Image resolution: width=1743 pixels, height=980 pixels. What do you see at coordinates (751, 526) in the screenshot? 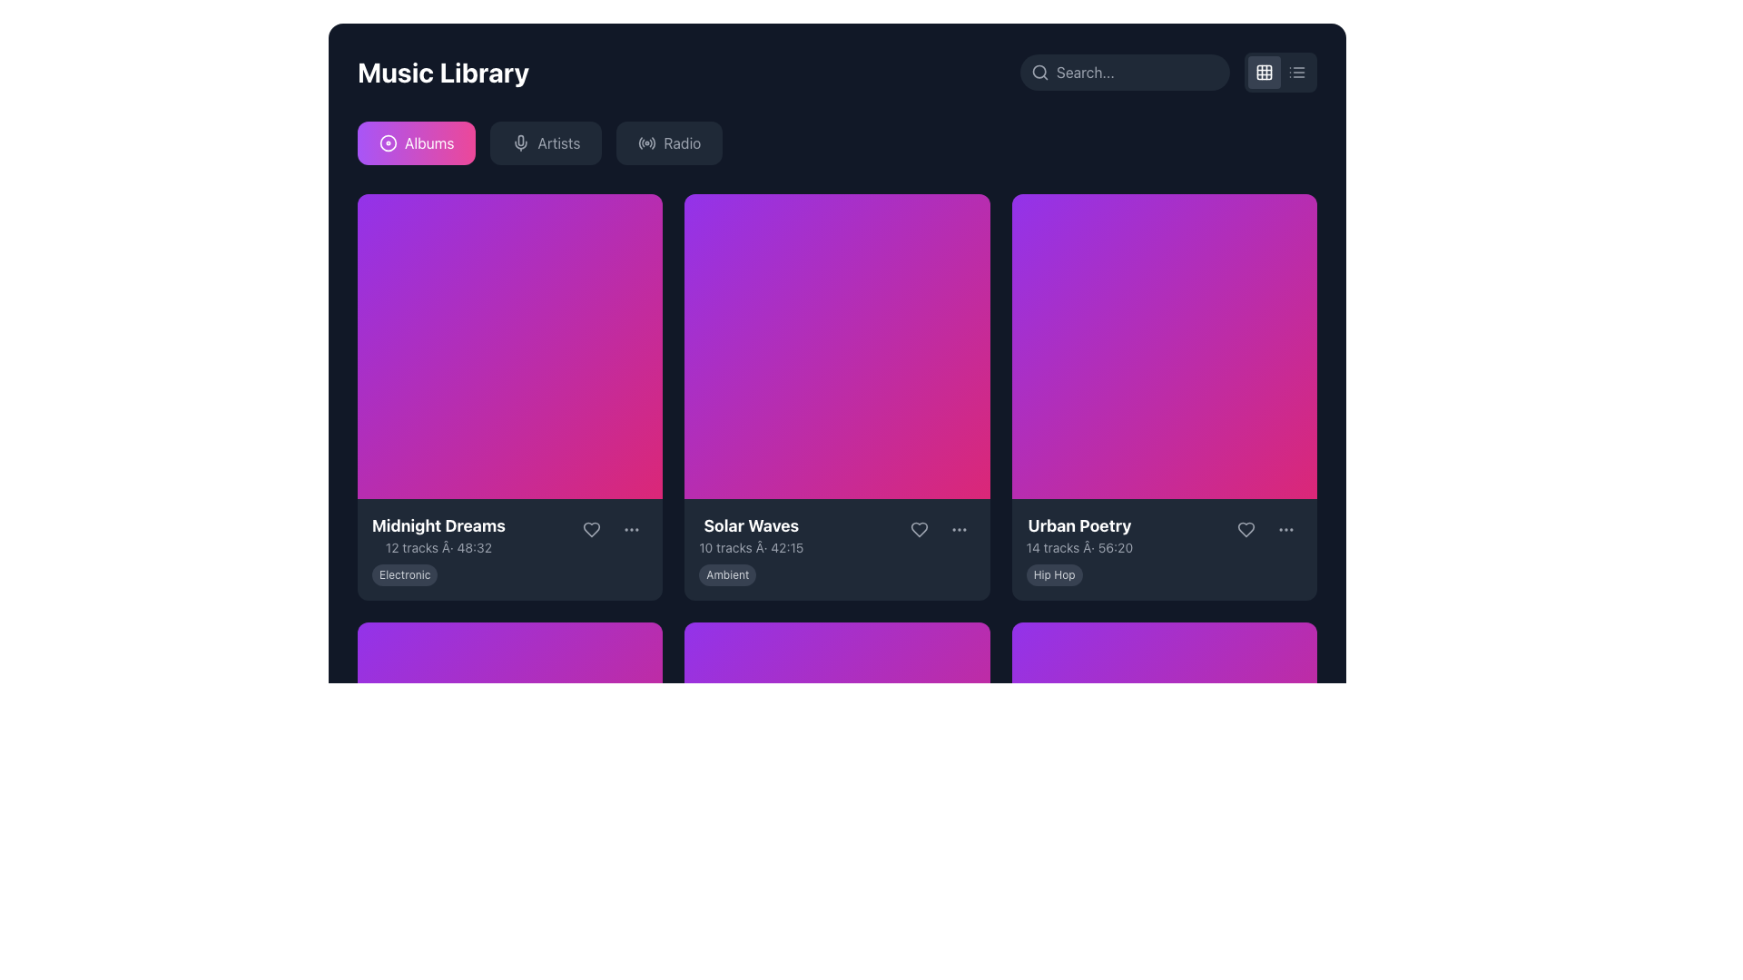
I see `the 'Solar Waves' text label, which is styled in bold, large white font and is positioned at the top-center of the second card in the grid layout` at bounding box center [751, 526].